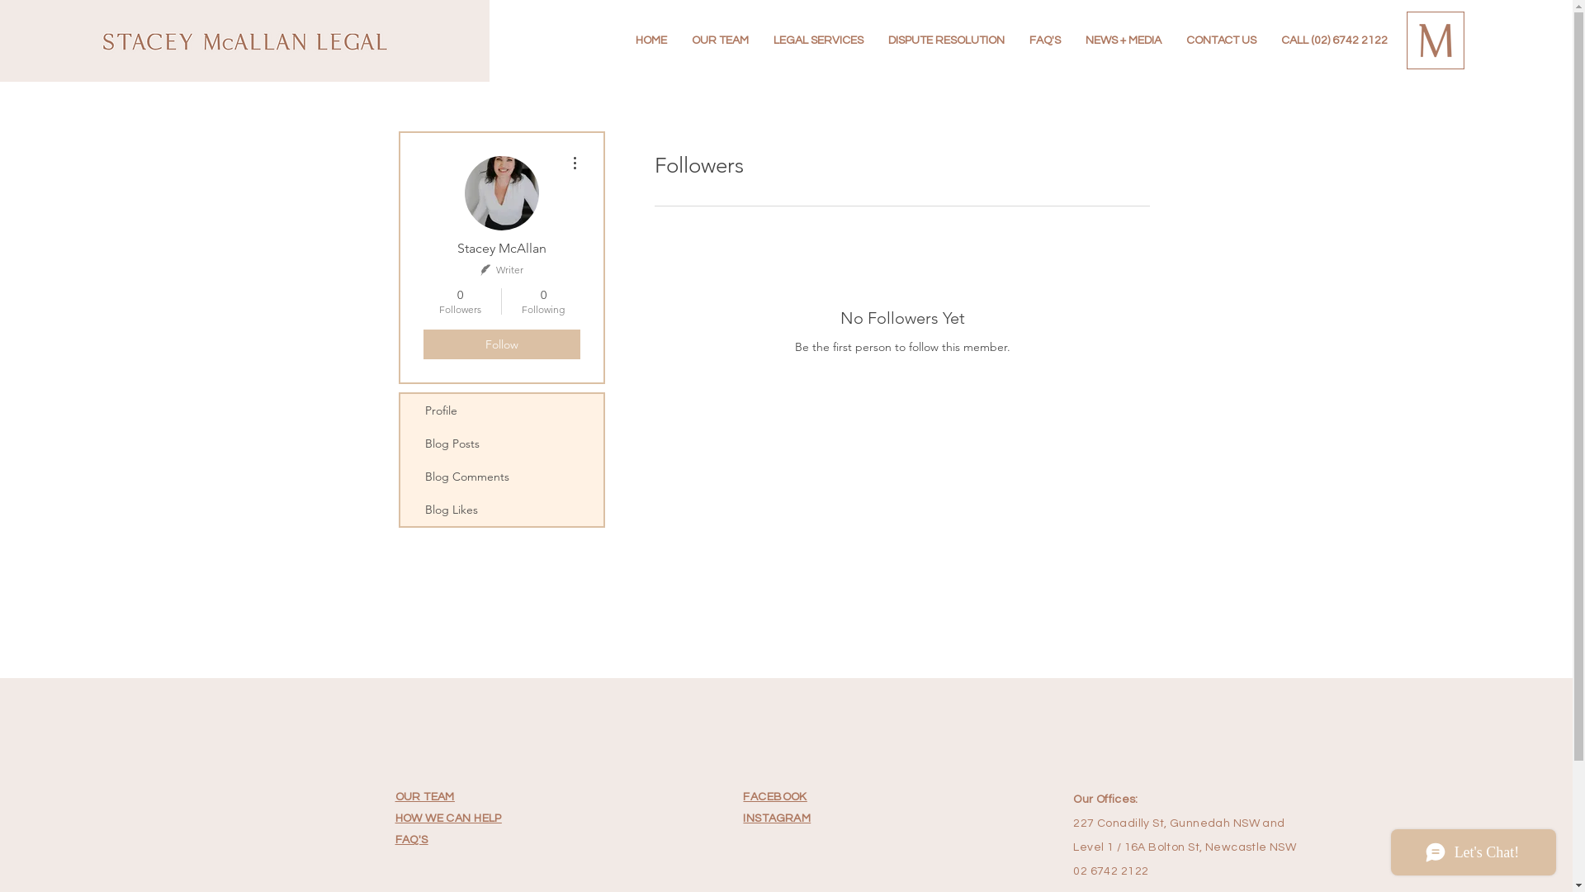  What do you see at coordinates (412, 839) in the screenshot?
I see `'FAQ'S'` at bounding box center [412, 839].